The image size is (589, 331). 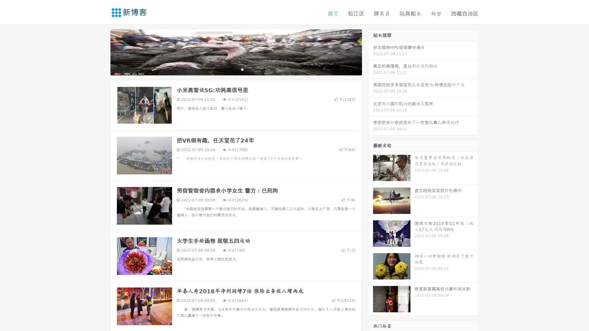 What do you see at coordinates (236, 69) in the screenshot?
I see `Go to slide 2` at bounding box center [236, 69].